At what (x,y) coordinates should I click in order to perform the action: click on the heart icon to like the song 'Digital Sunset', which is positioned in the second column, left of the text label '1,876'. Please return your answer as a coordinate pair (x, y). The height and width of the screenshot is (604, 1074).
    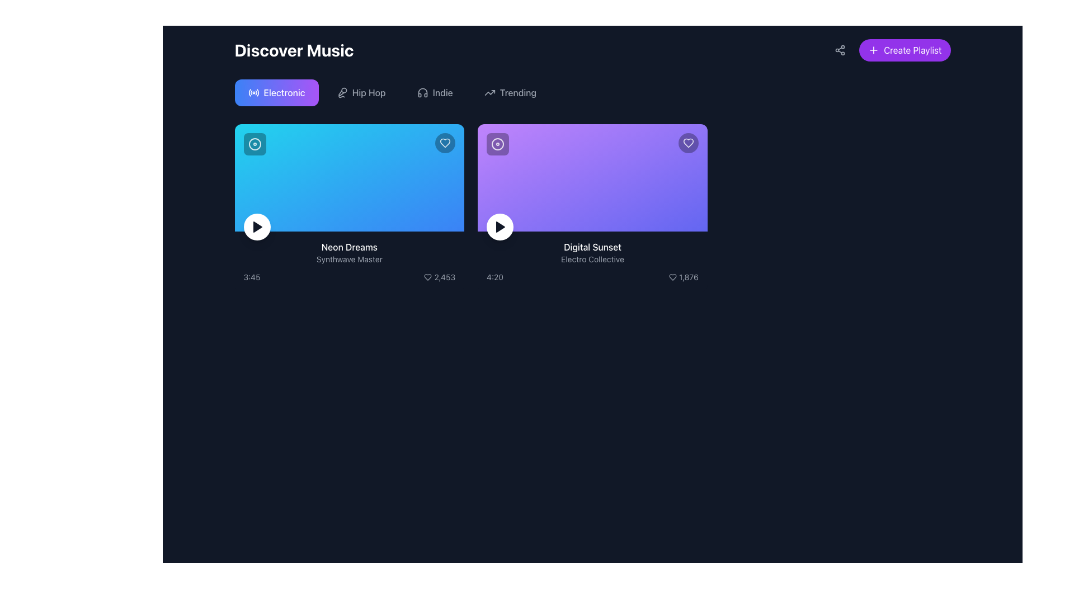
    Looking at the image, I should click on (672, 277).